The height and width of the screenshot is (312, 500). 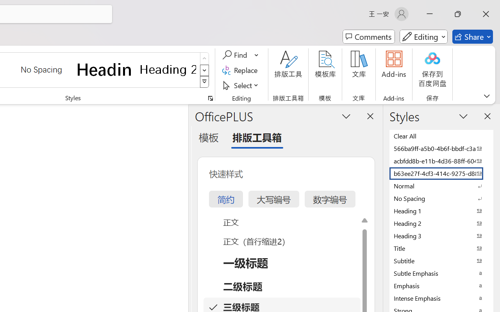 What do you see at coordinates (441, 148) in the screenshot?
I see `'566ba9ff-a5b0-4b6f-bbdf-c3ab41993fc2'` at bounding box center [441, 148].